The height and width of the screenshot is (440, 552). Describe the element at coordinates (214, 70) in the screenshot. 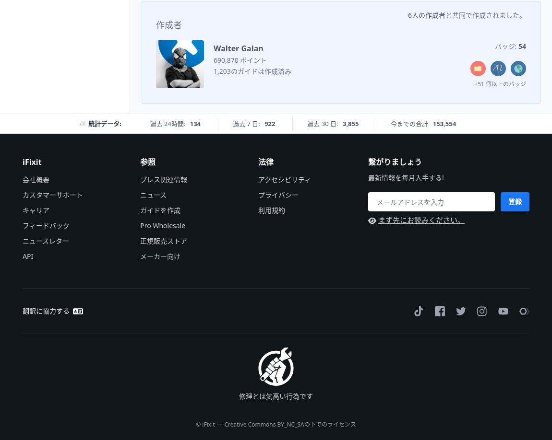

I see `'1,203のガイドは作成済み'` at that location.